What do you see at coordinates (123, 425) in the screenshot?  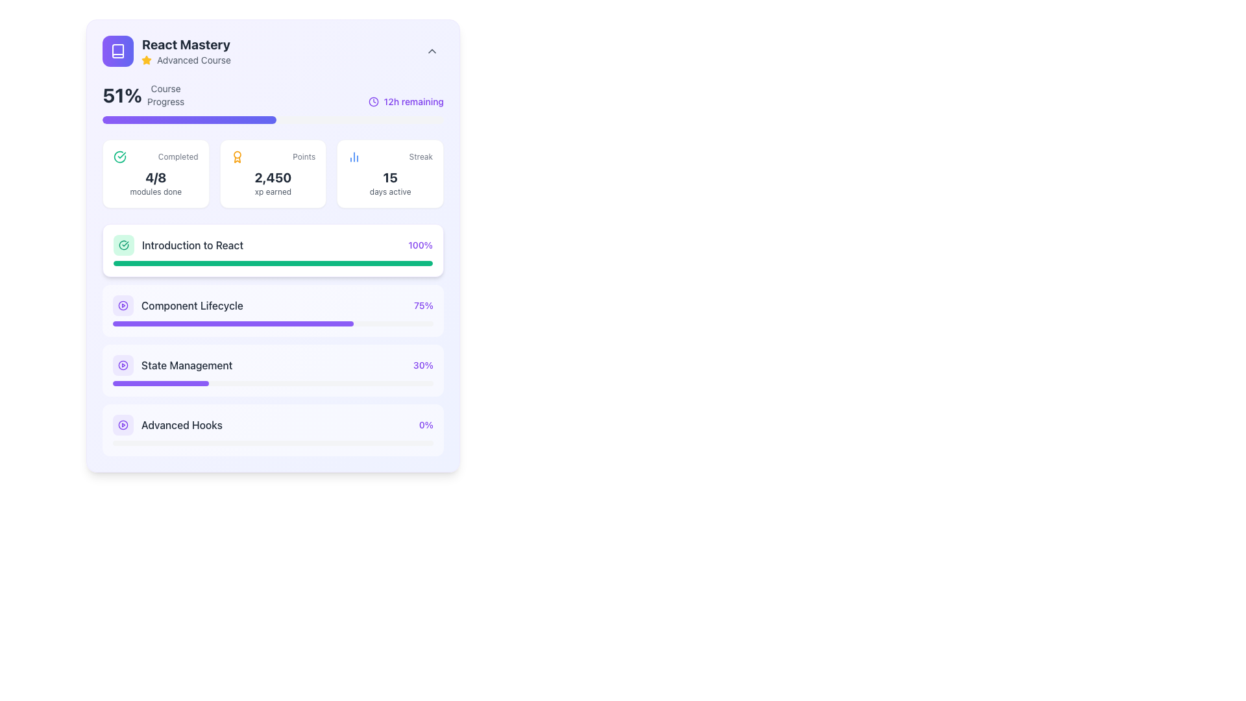 I see `the play button located to the left of the 'Advanced Hooks' text to initiate an action` at bounding box center [123, 425].